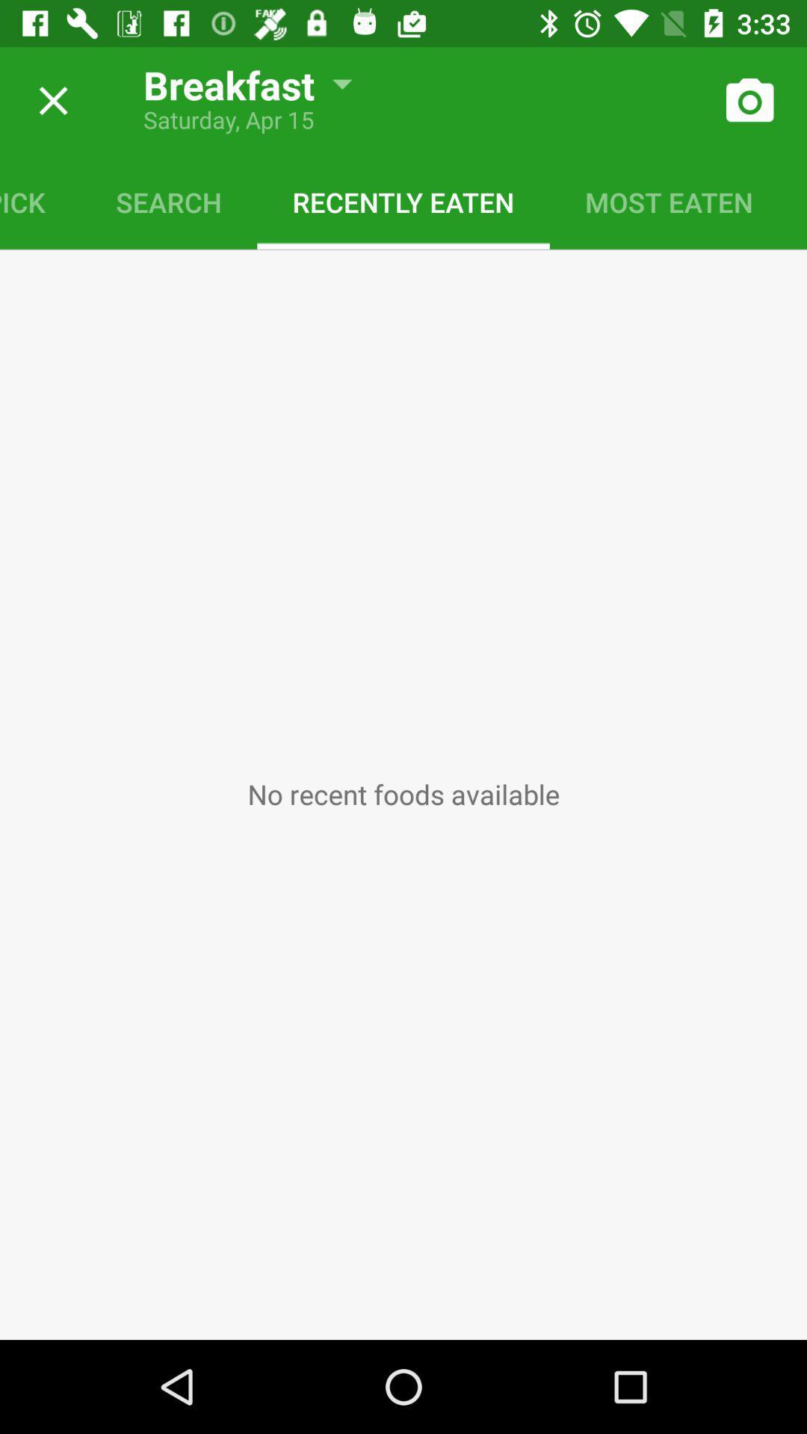 The image size is (807, 1434). I want to click on item to the right of the breakfast icon, so click(749, 100).